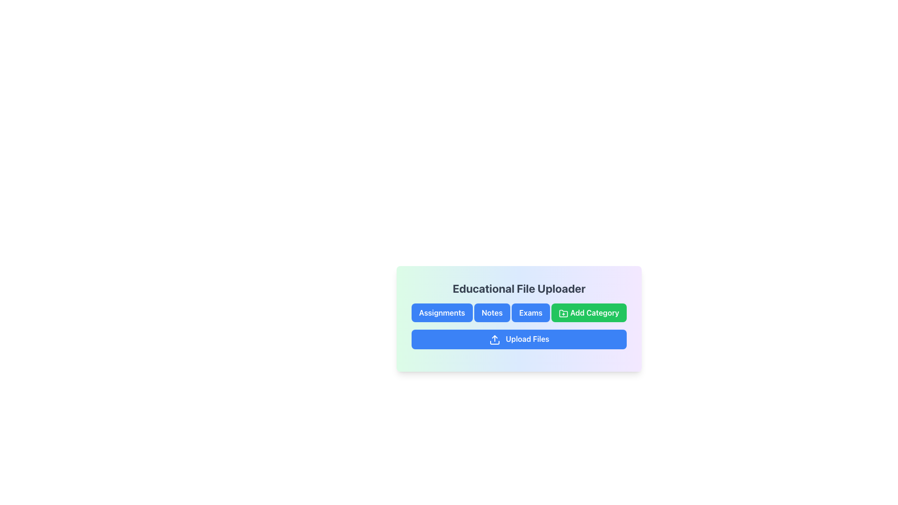 The width and height of the screenshot is (898, 505). I want to click on the 'Exams' button, which is the third button in the row of interactive elements within the 'Educational File Uploader' panel, using keyboard navigation, so click(518, 318).